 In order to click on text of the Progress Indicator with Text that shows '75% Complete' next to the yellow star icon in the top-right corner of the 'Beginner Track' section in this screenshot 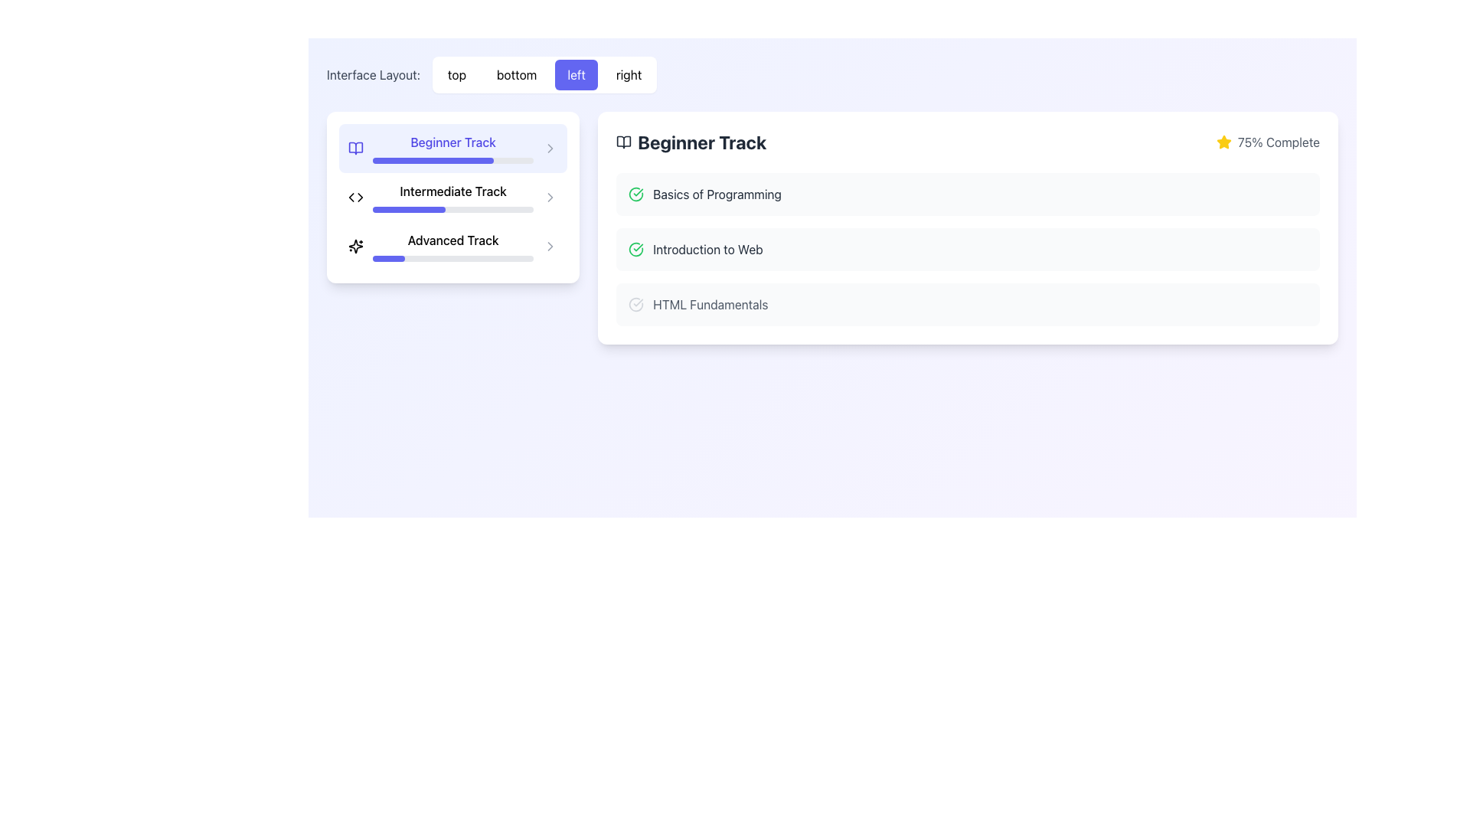, I will do `click(1268, 142)`.